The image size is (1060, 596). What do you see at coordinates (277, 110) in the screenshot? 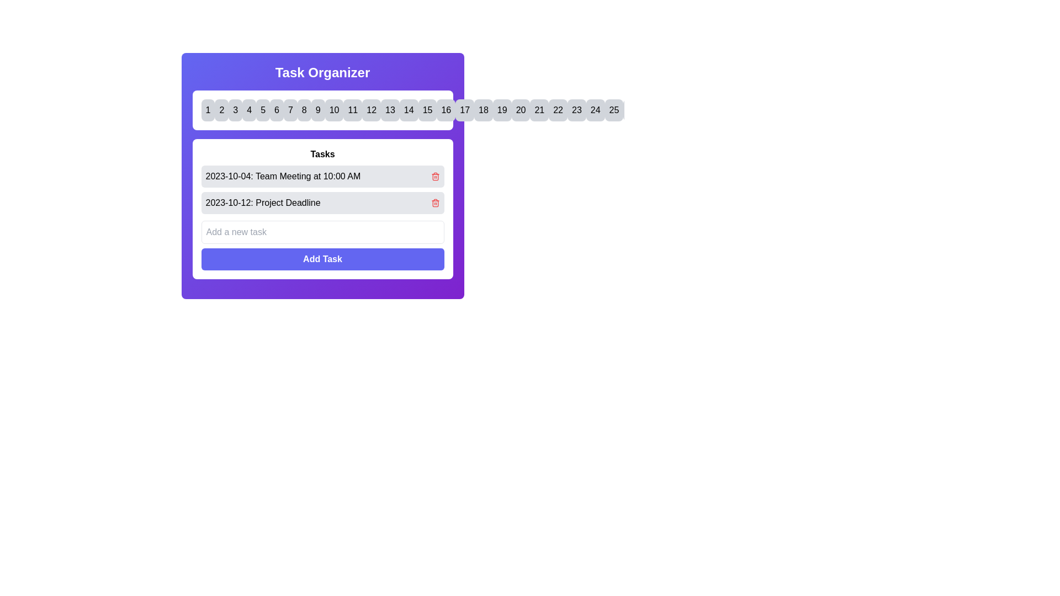
I see `the button labeled '6' with a light gray background` at bounding box center [277, 110].